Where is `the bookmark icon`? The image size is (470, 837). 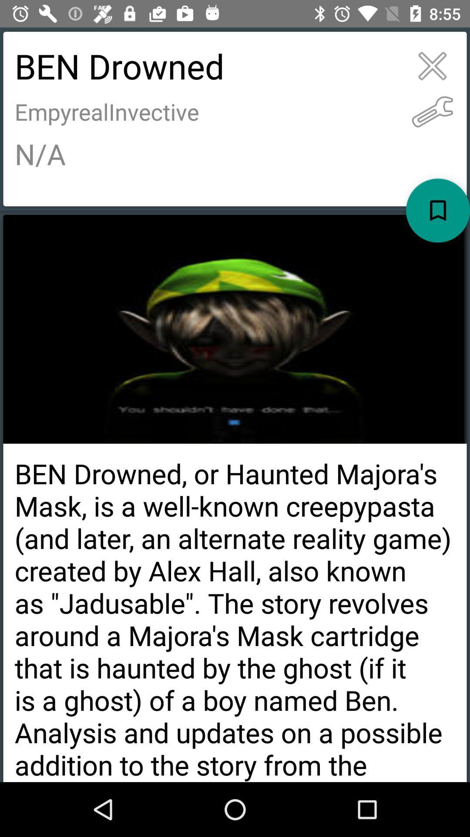
the bookmark icon is located at coordinates (438, 211).